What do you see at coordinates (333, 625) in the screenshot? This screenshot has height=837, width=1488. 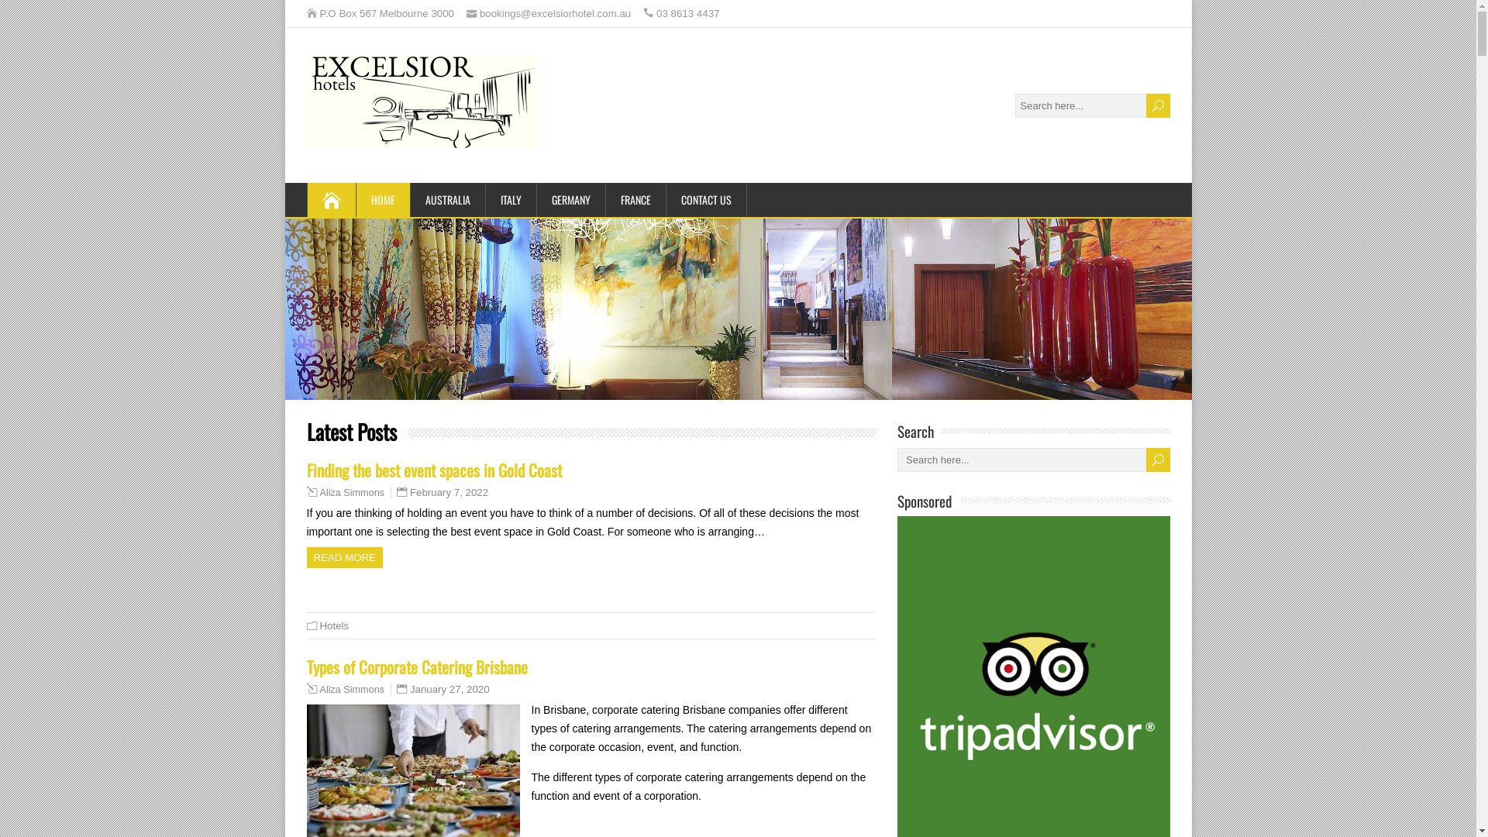 I see `'Hotels'` at bounding box center [333, 625].